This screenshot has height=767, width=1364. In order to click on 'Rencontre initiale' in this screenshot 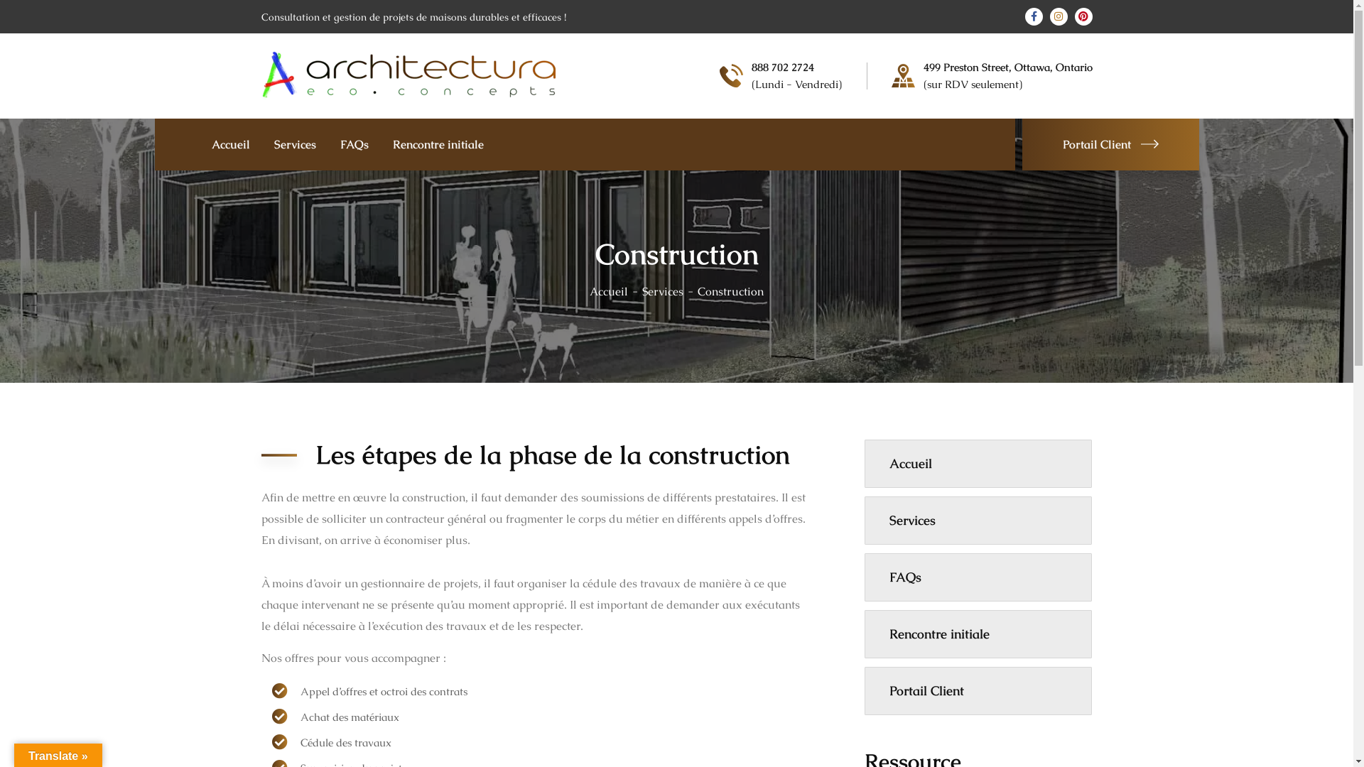, I will do `click(436, 144)`.